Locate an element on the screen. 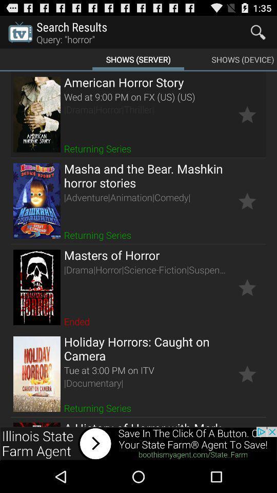 The width and height of the screenshot is (277, 493). rating is located at coordinates (247, 115).